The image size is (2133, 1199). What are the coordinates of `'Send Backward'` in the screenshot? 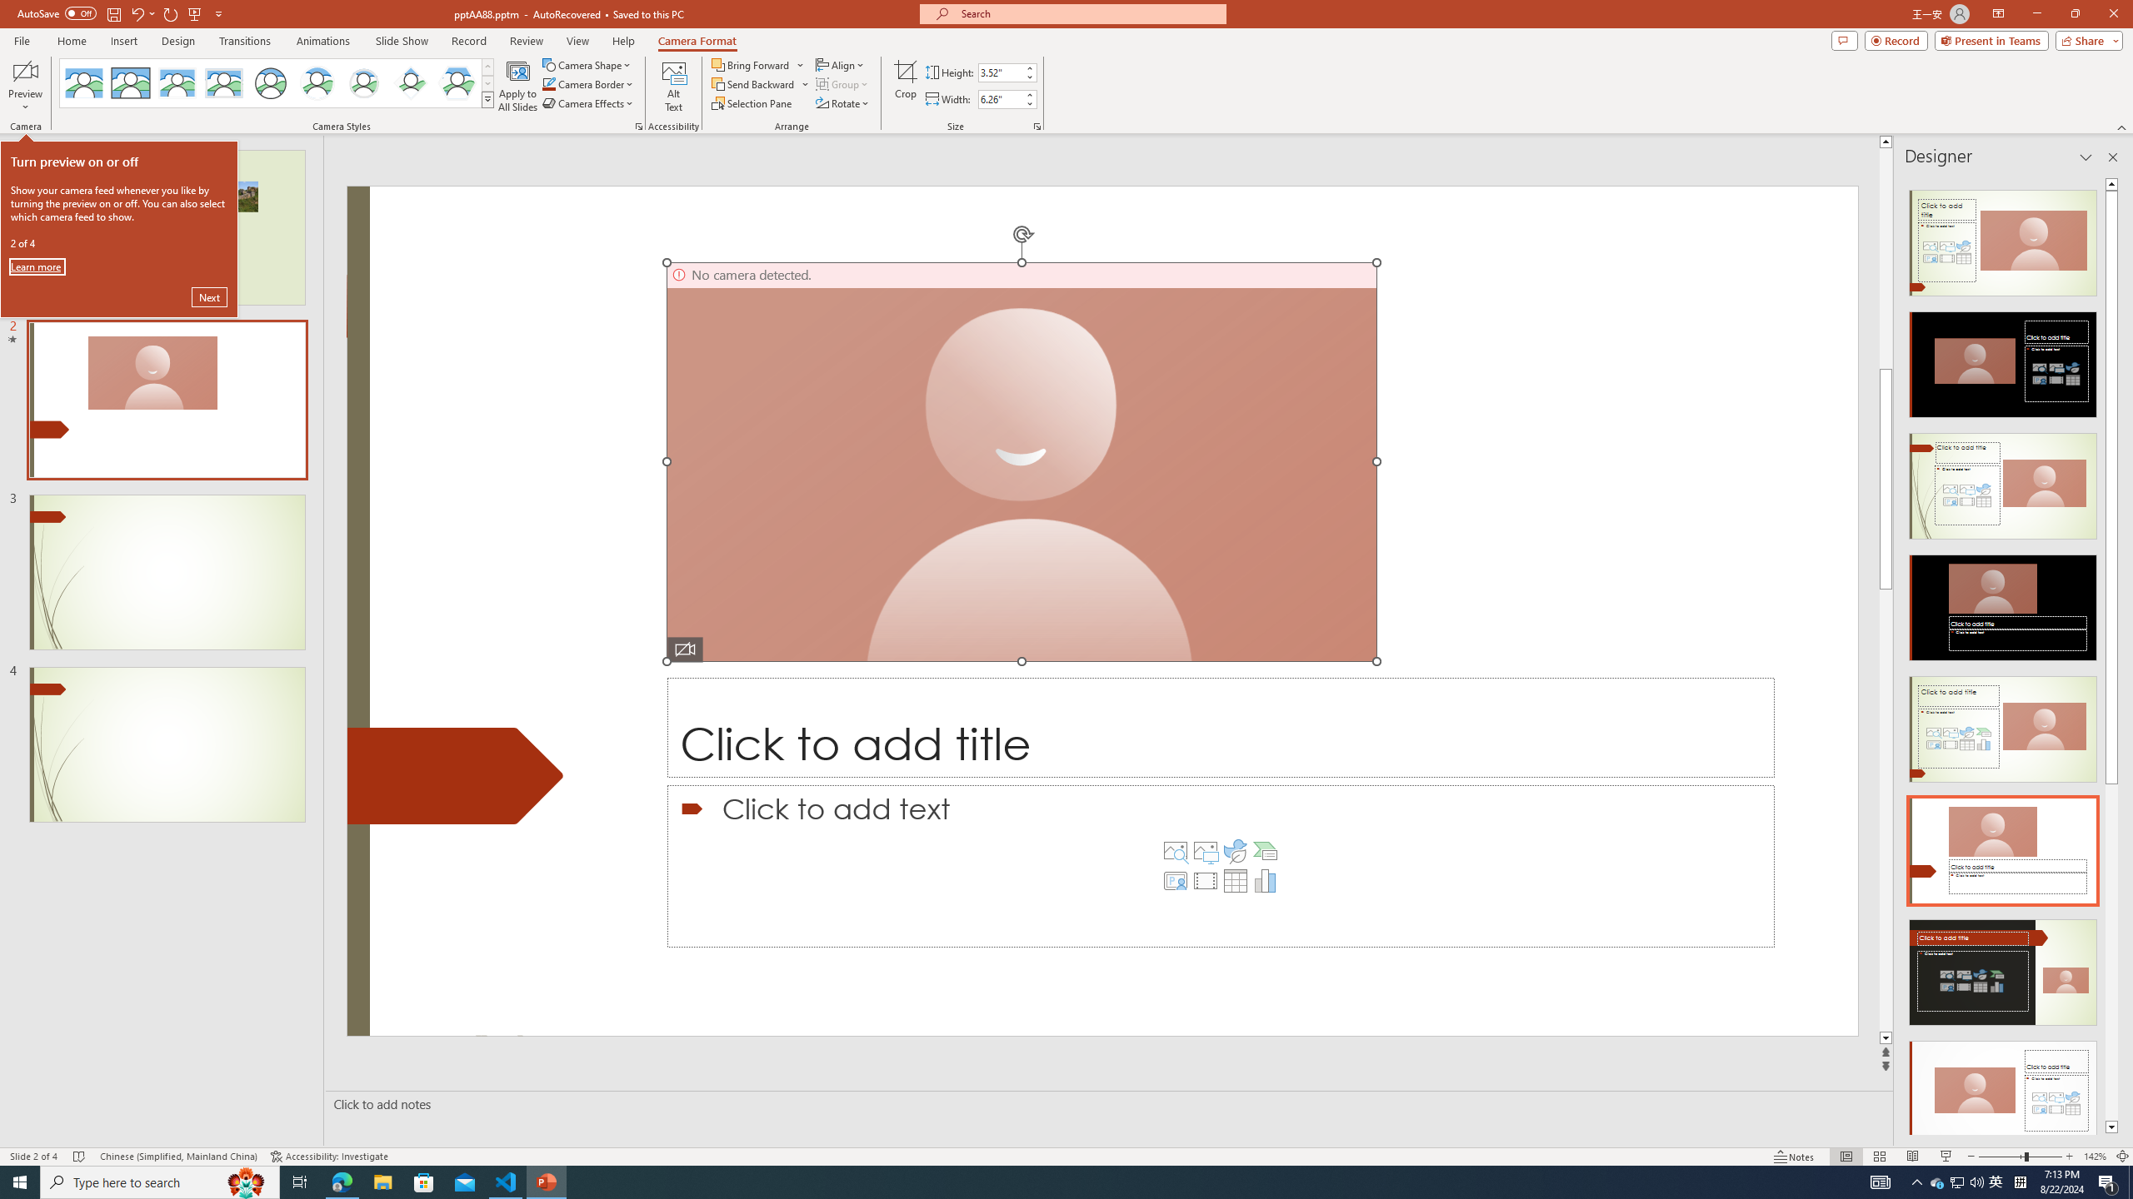 It's located at (760, 82).